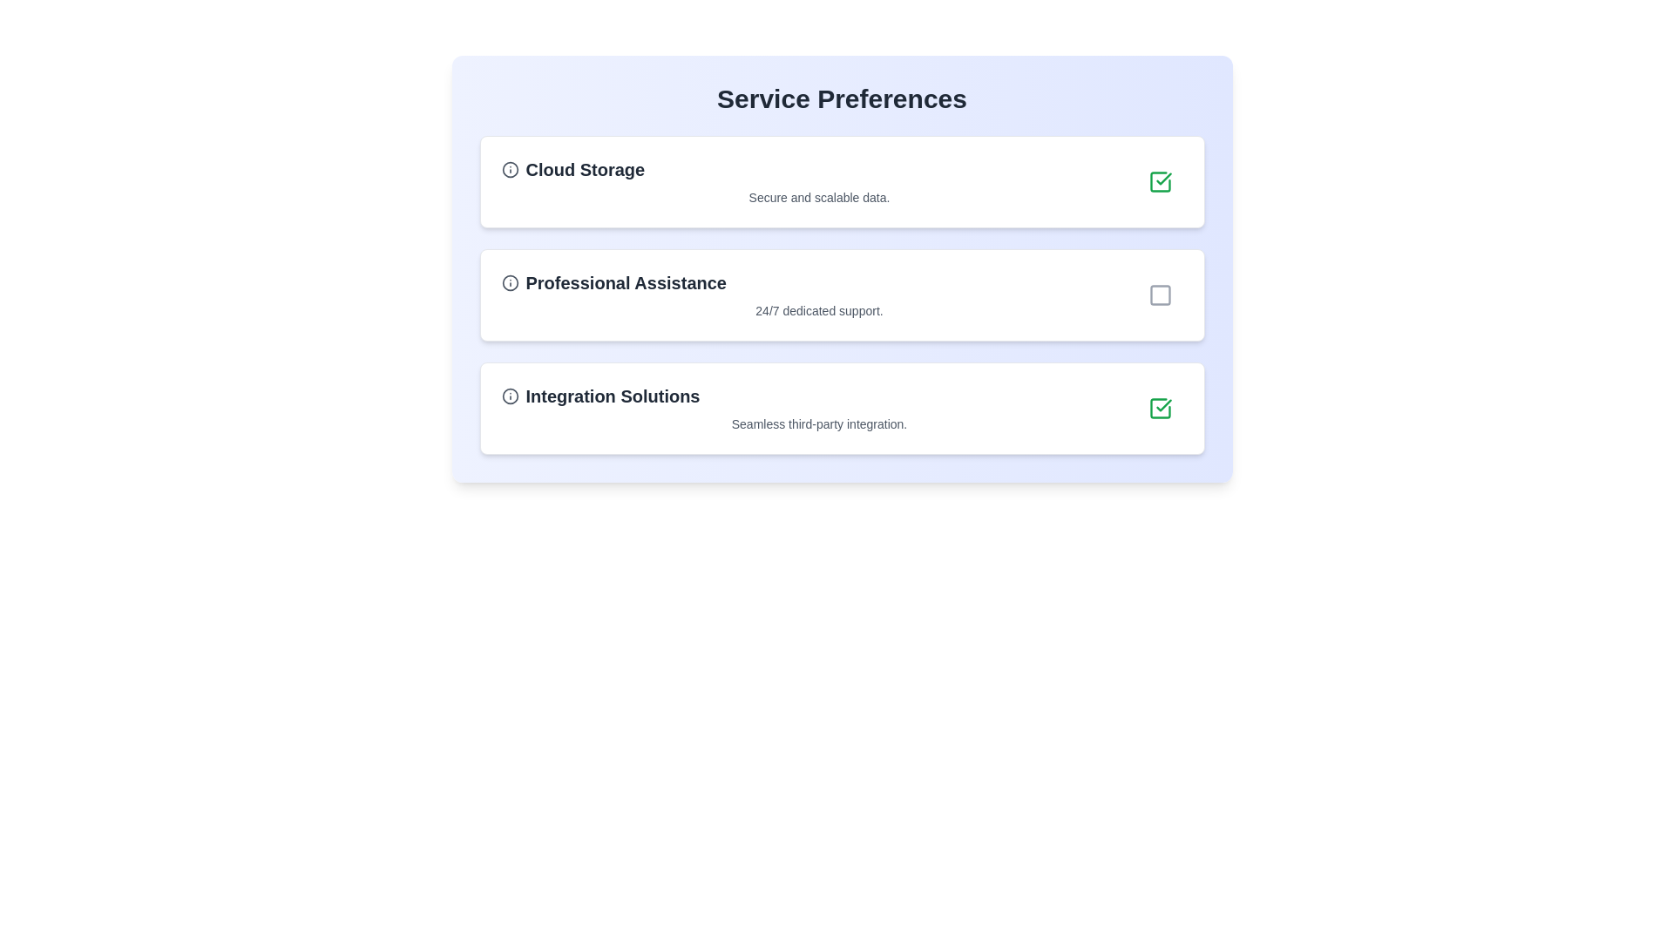 This screenshot has width=1673, height=941. I want to click on the text label that describes the feature of 'Cloud Storage', positioned below the main heading in the 'Service Preferences' section, so click(818, 197).